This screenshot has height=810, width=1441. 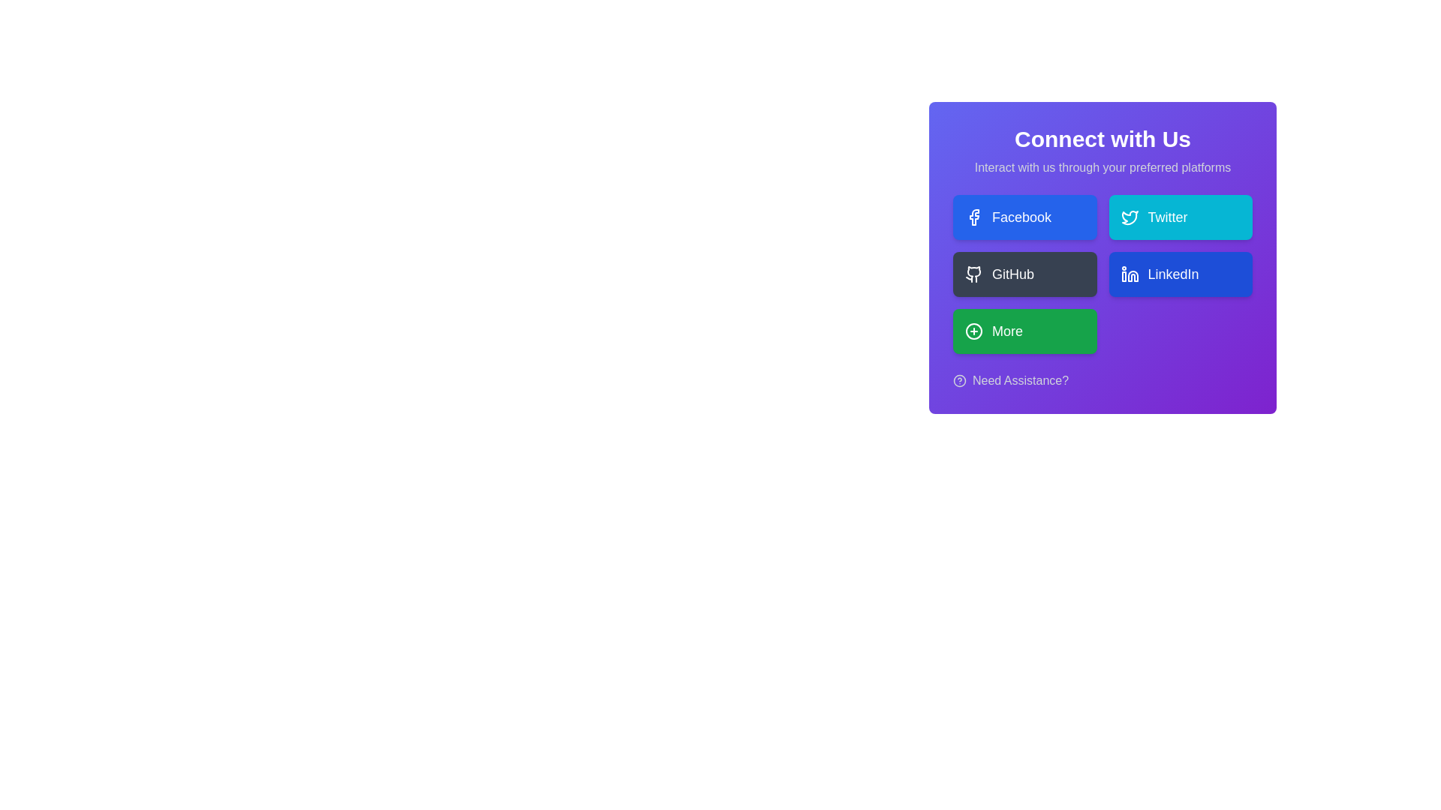 What do you see at coordinates (958, 380) in the screenshot?
I see `the assistance icon located to the left of the 'Need Assistance?' text` at bounding box center [958, 380].